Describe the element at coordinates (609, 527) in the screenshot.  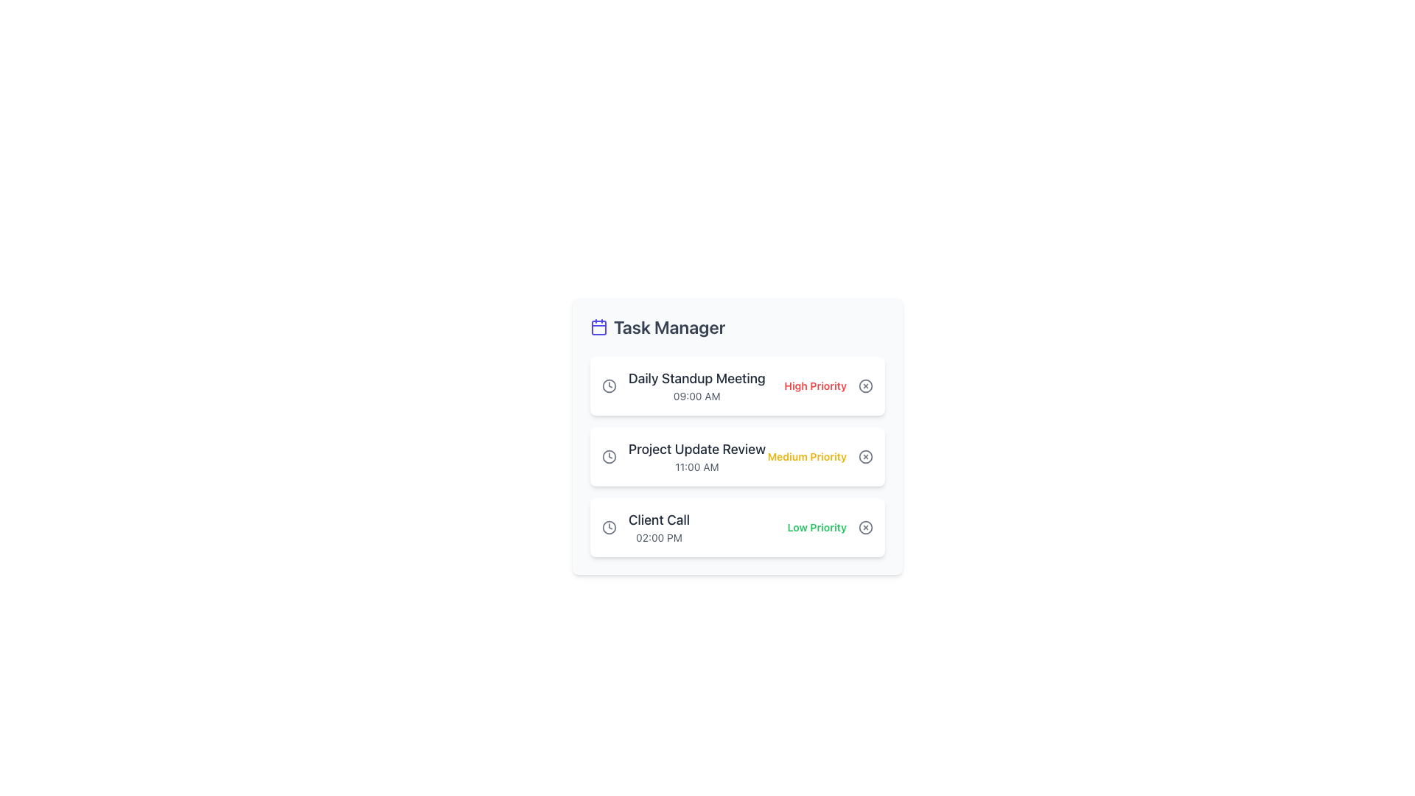
I see `the circular clock icon with a thin border located to the left of the 'Client Call' text in the 'Task Manager' section` at that location.